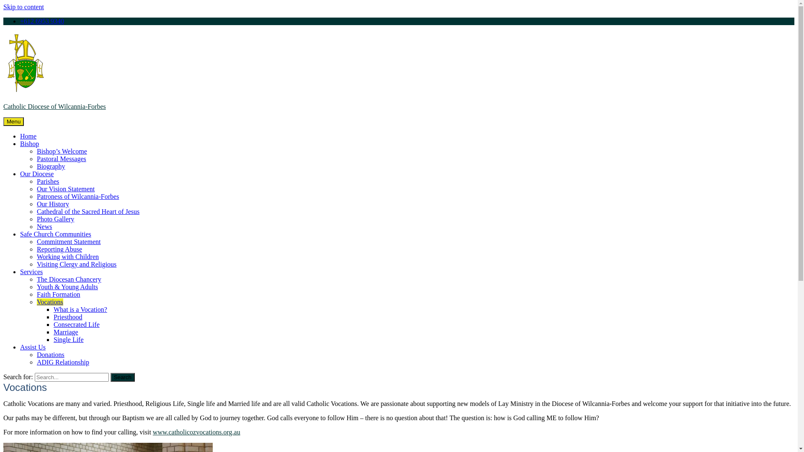 This screenshot has height=452, width=804. What do you see at coordinates (3, 7) in the screenshot?
I see `'Skip to content'` at bounding box center [3, 7].